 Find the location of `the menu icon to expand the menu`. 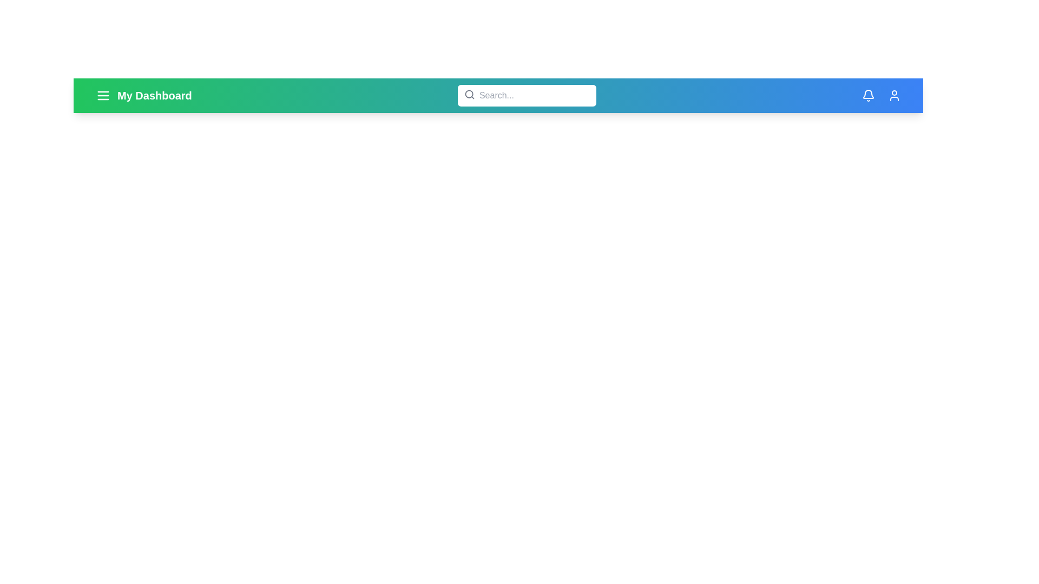

the menu icon to expand the menu is located at coordinates (103, 95).